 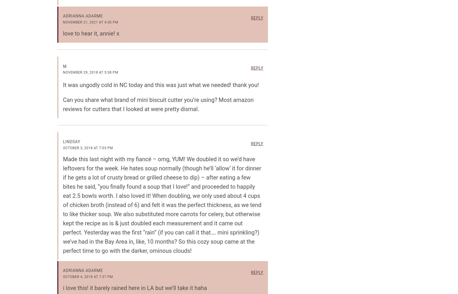 I want to click on 'November 21, 2021 at 4:30 pm', so click(x=63, y=22).